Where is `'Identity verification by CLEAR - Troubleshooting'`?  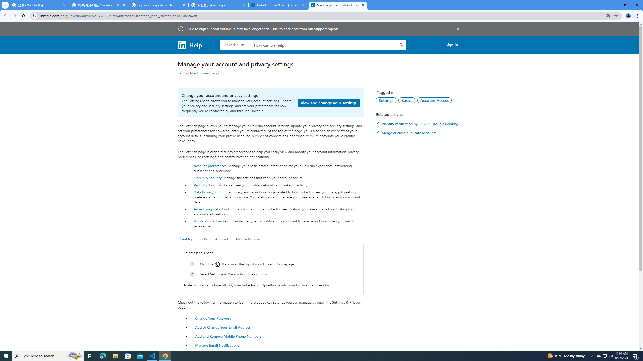
'Identity verification by CLEAR - Troubleshooting' is located at coordinates (418, 124).